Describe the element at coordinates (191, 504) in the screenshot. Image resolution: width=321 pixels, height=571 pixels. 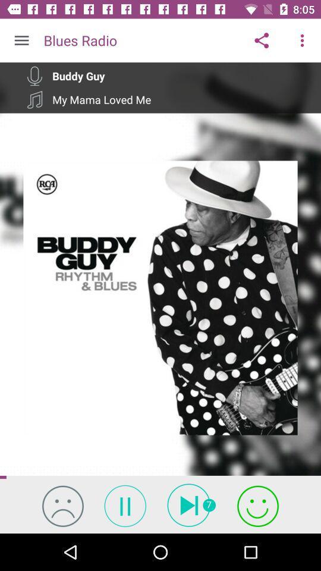
I see `the skip_next icon` at that location.